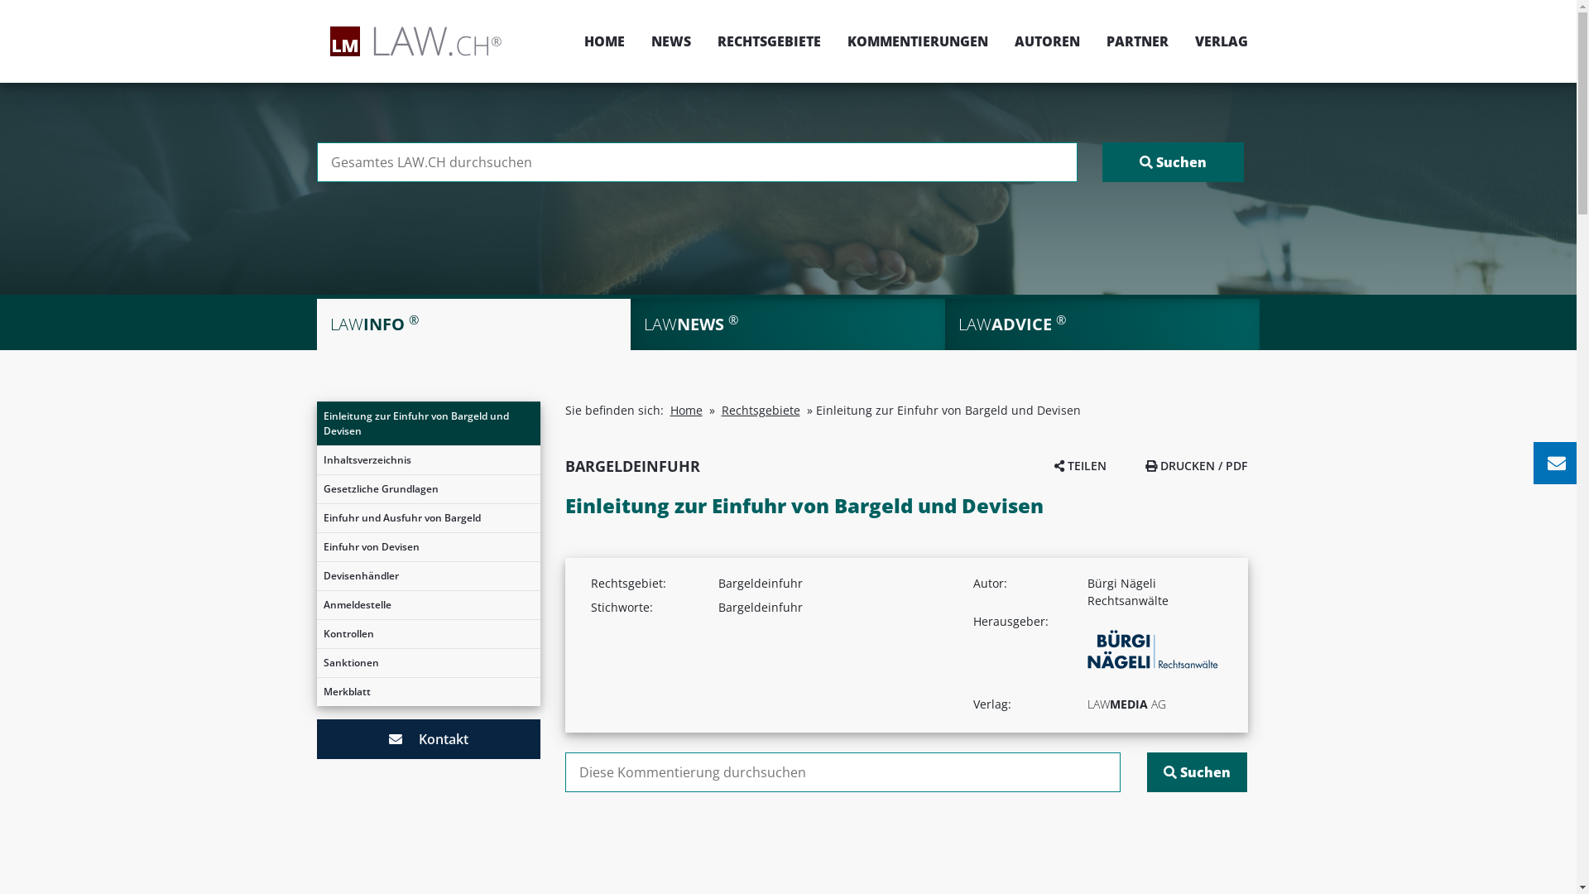  I want to click on 'HOME', so click(603, 41).